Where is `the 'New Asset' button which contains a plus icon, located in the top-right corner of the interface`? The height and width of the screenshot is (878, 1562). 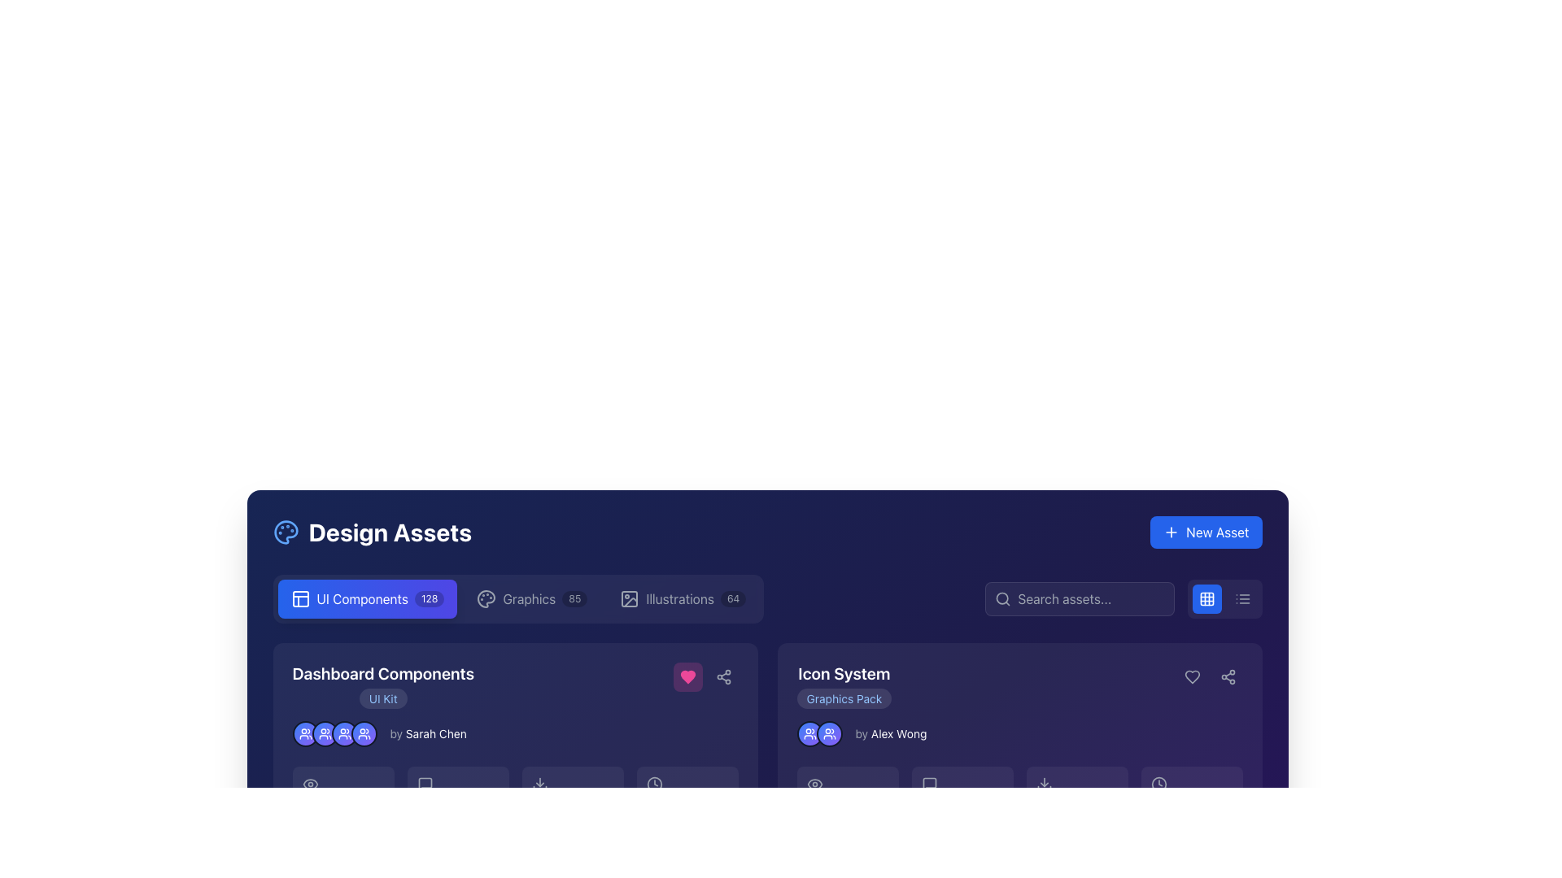 the 'New Asset' button which contains a plus icon, located in the top-right corner of the interface is located at coordinates (1171, 532).